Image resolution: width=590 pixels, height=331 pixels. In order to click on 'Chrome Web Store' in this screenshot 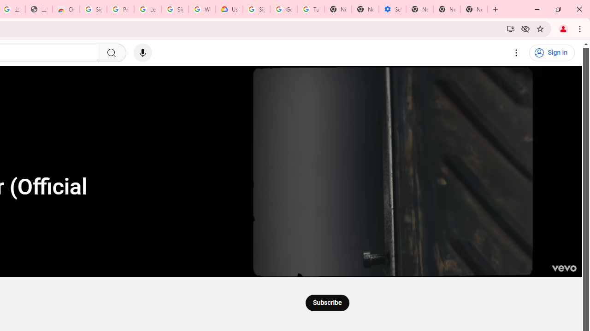, I will do `click(65, 9)`.